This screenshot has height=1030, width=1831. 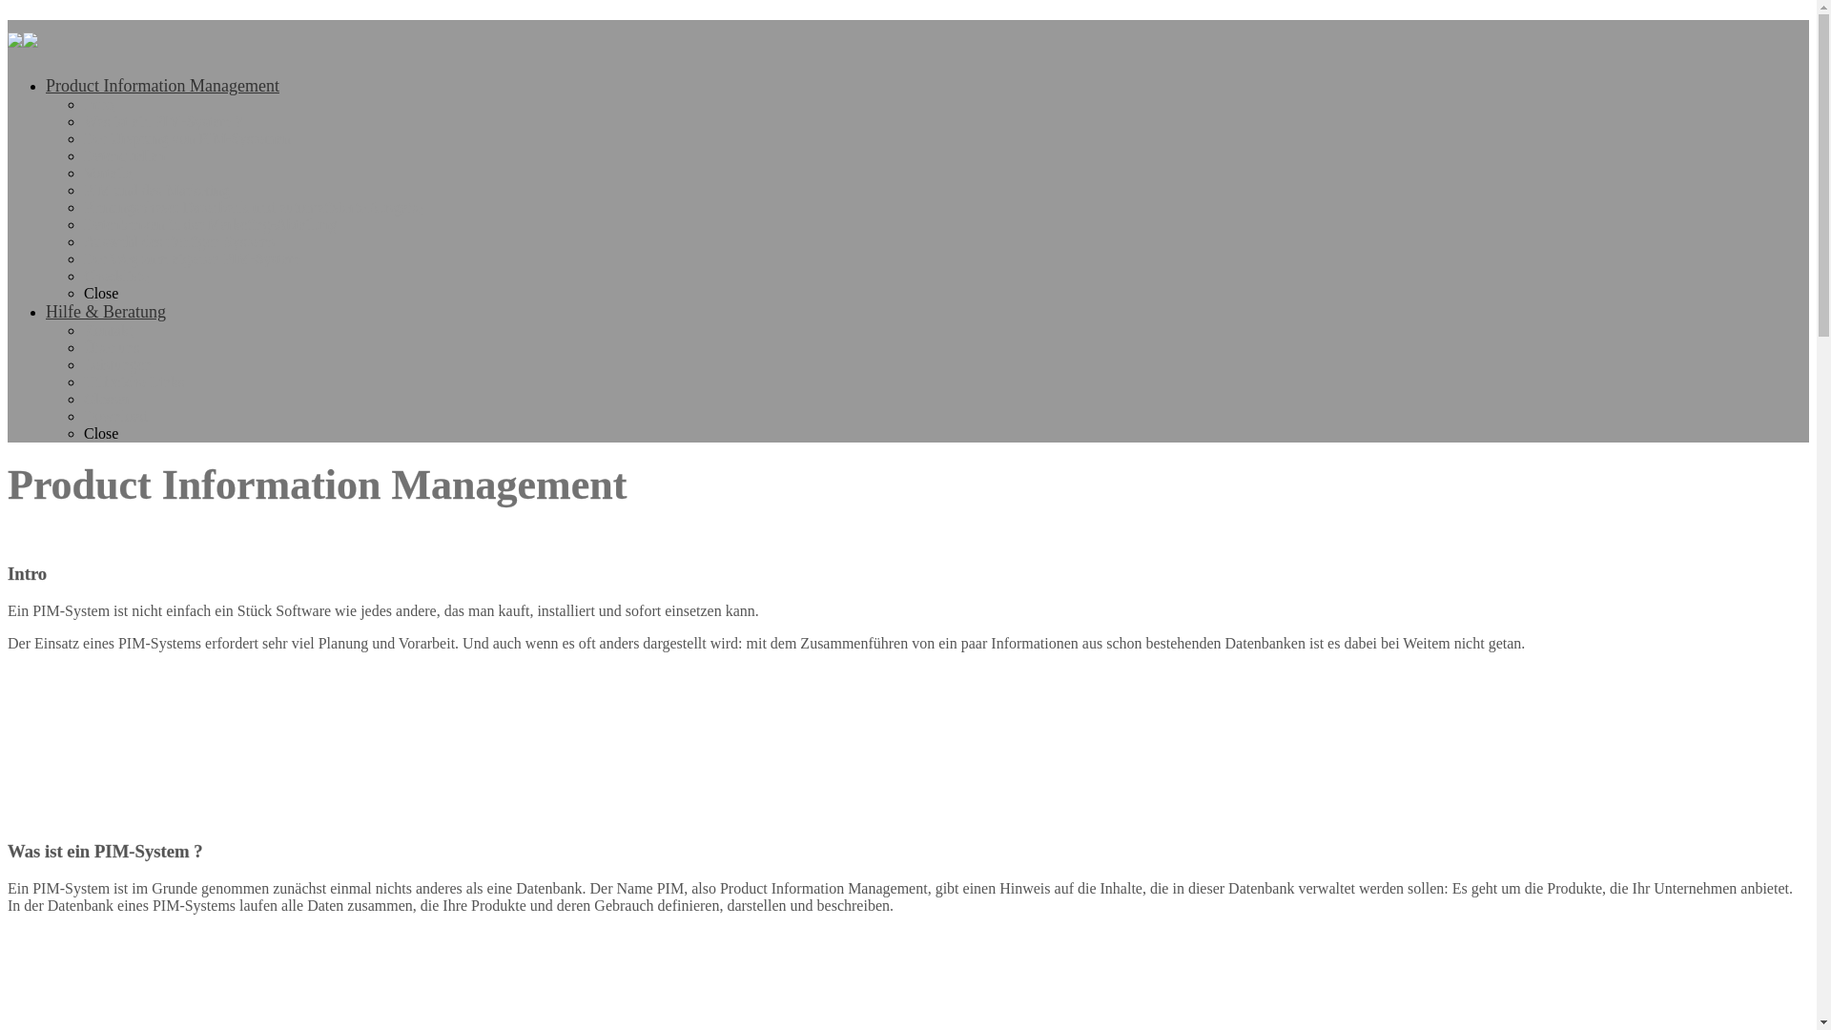 What do you see at coordinates (107, 173) in the screenshot?
I see `'Vorteile'` at bounding box center [107, 173].